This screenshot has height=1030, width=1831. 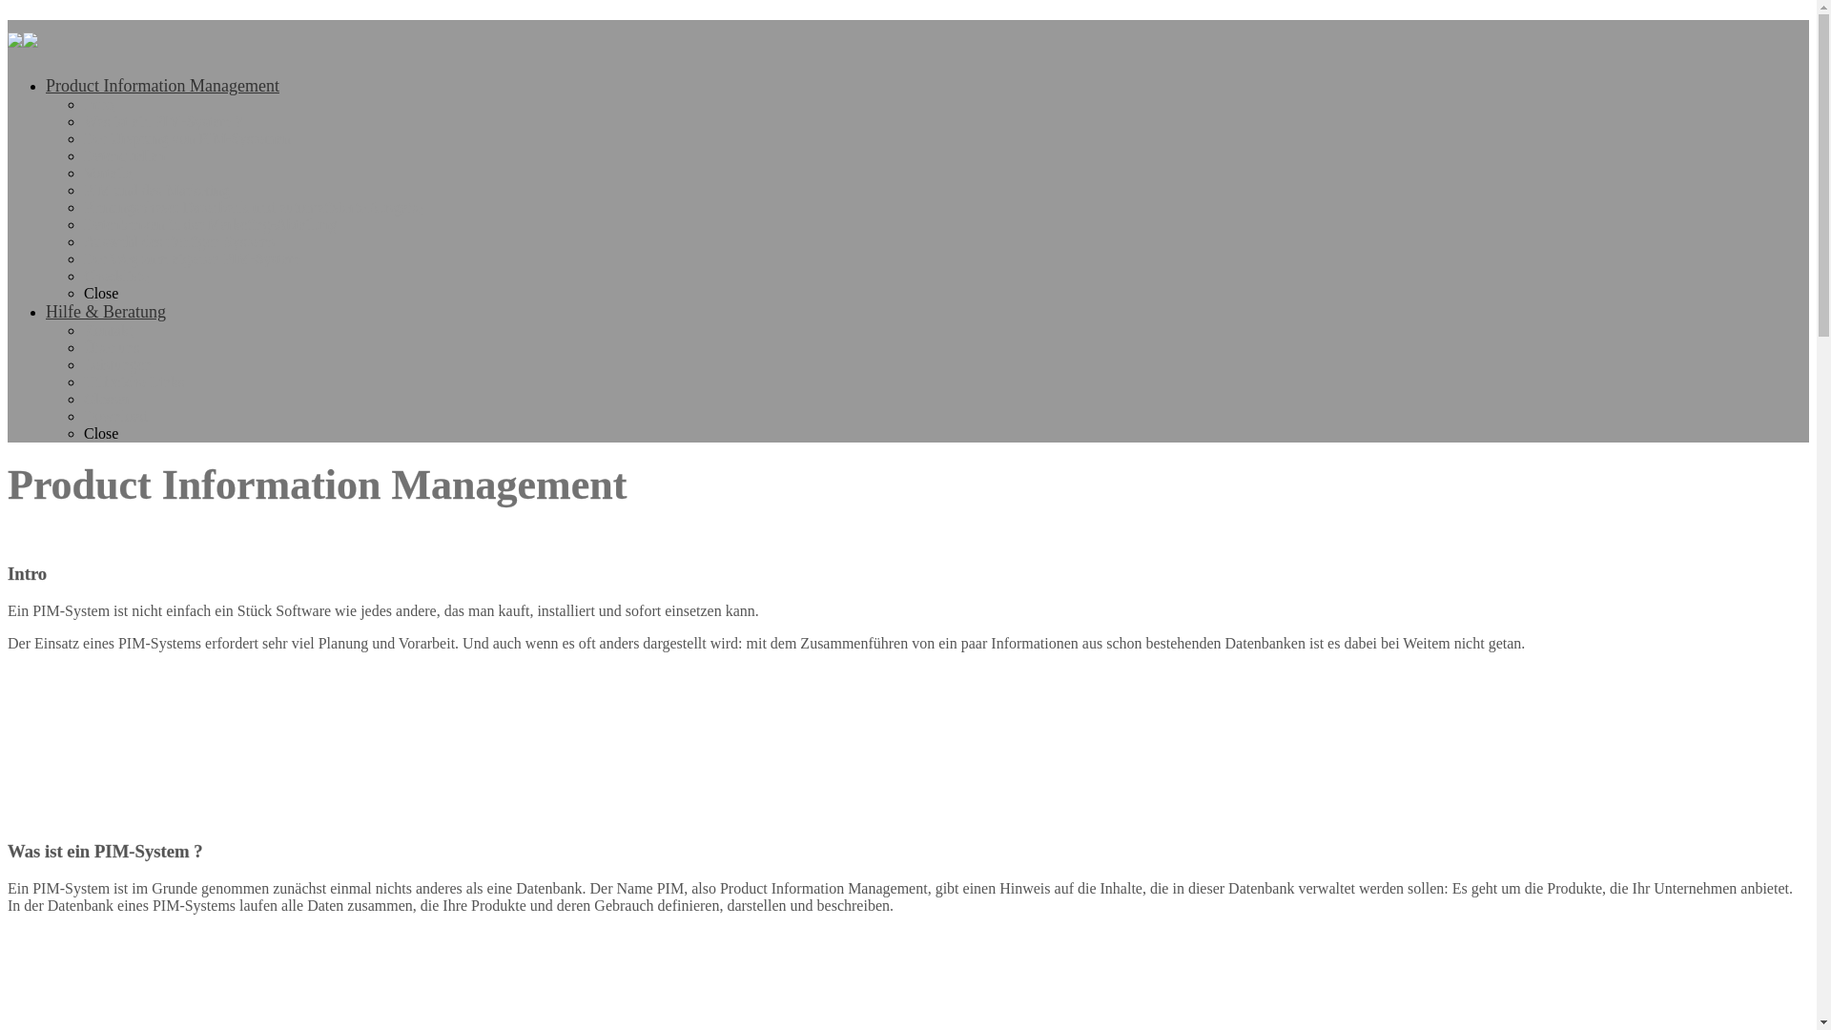 What do you see at coordinates (107, 173) in the screenshot?
I see `'Vorteile'` at bounding box center [107, 173].